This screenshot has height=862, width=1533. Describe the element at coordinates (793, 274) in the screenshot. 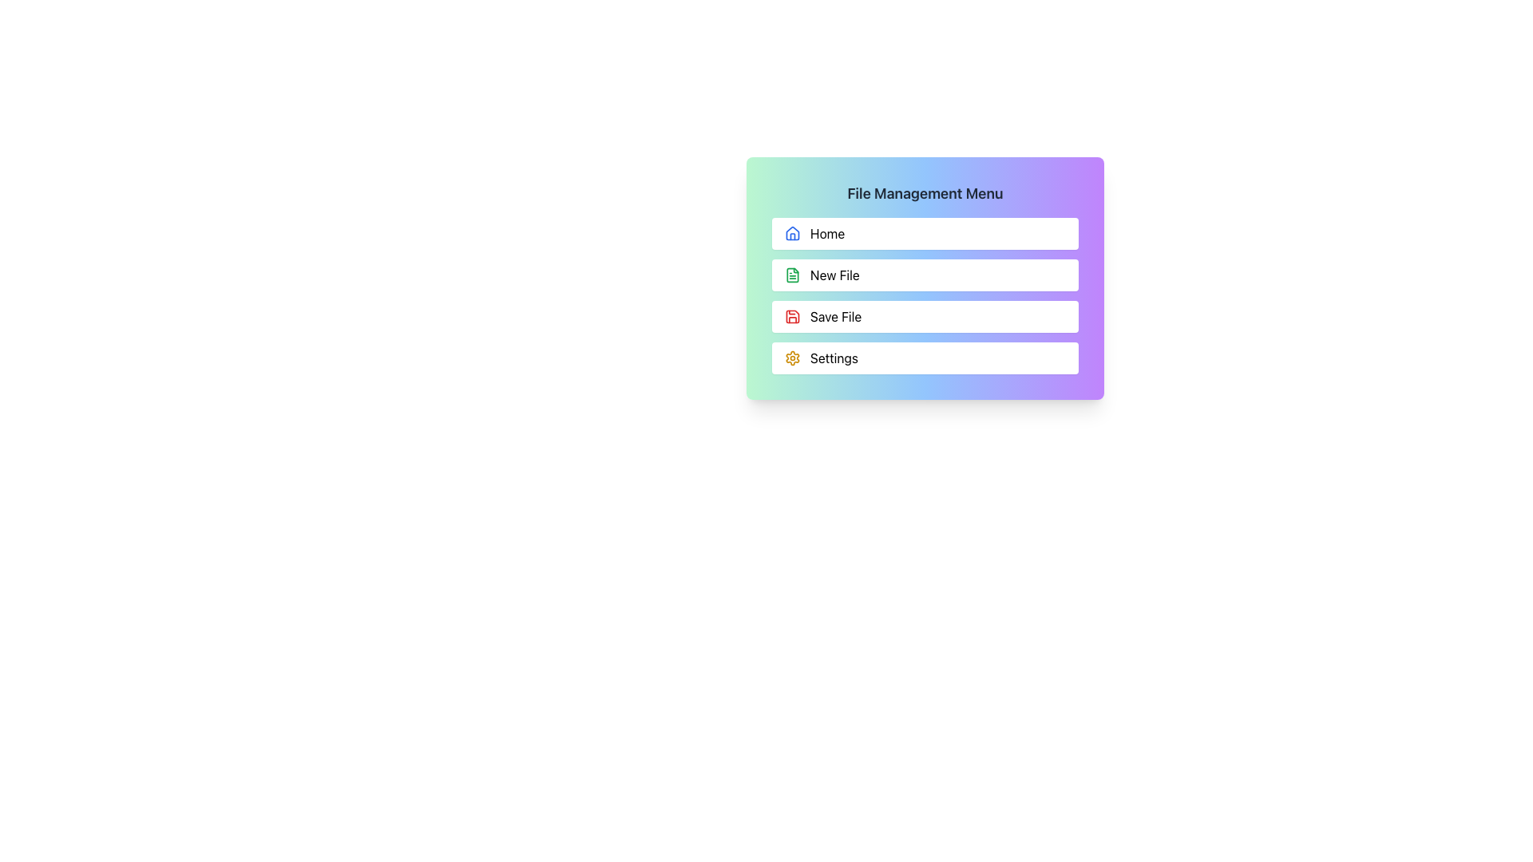

I see `the 'New File' button, which contains the SVG icon signaling the 'New File' action, located in the second row of the options list` at that location.